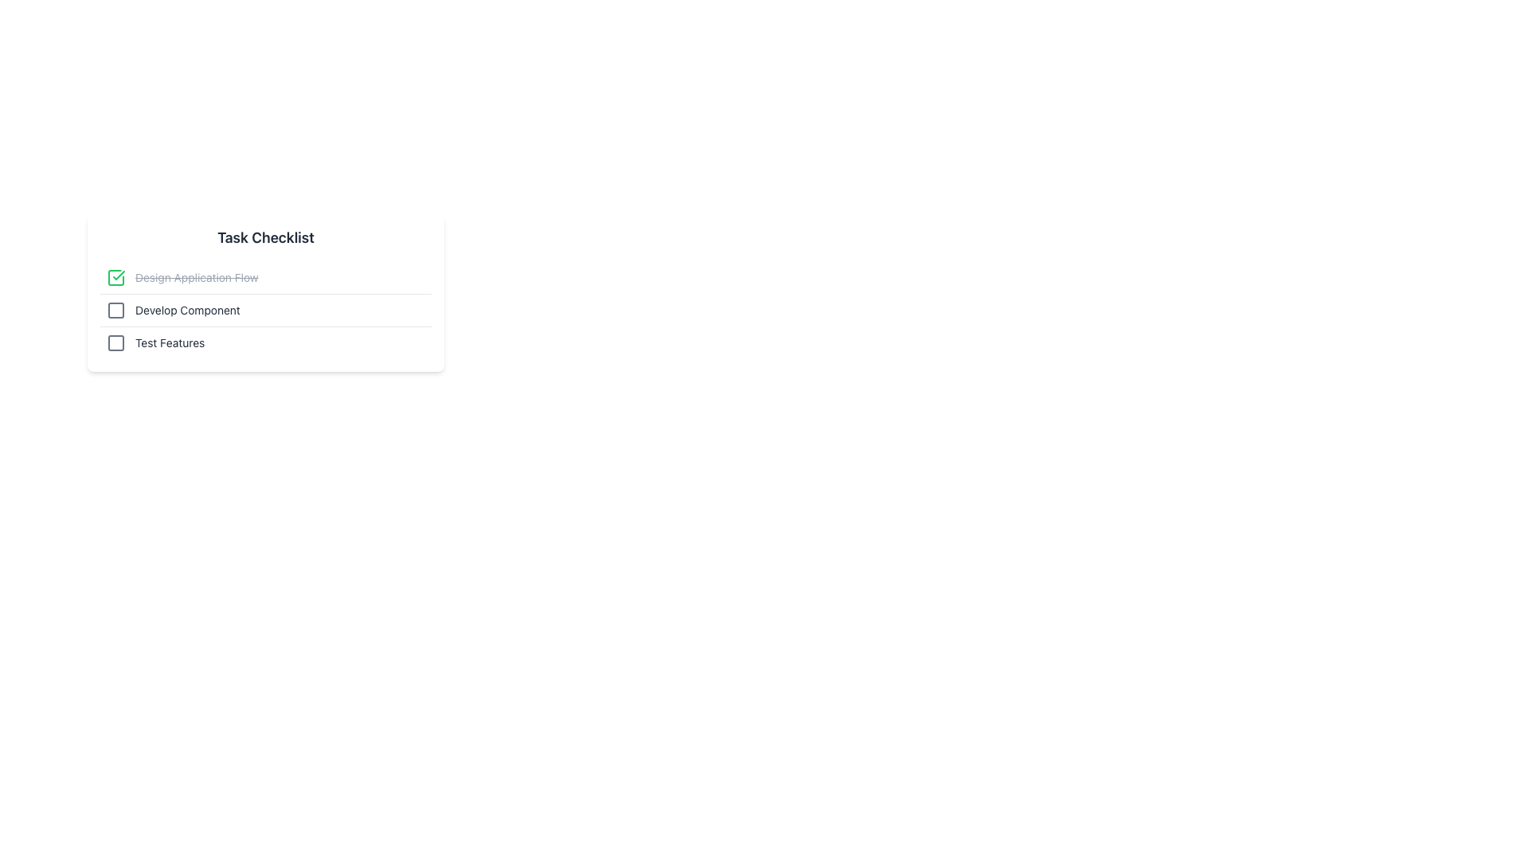 This screenshot has height=860, width=1529. I want to click on the first item in the checklist tasks list, which is visually distinguished from completed tasks in a vertical layout, so click(266, 292).